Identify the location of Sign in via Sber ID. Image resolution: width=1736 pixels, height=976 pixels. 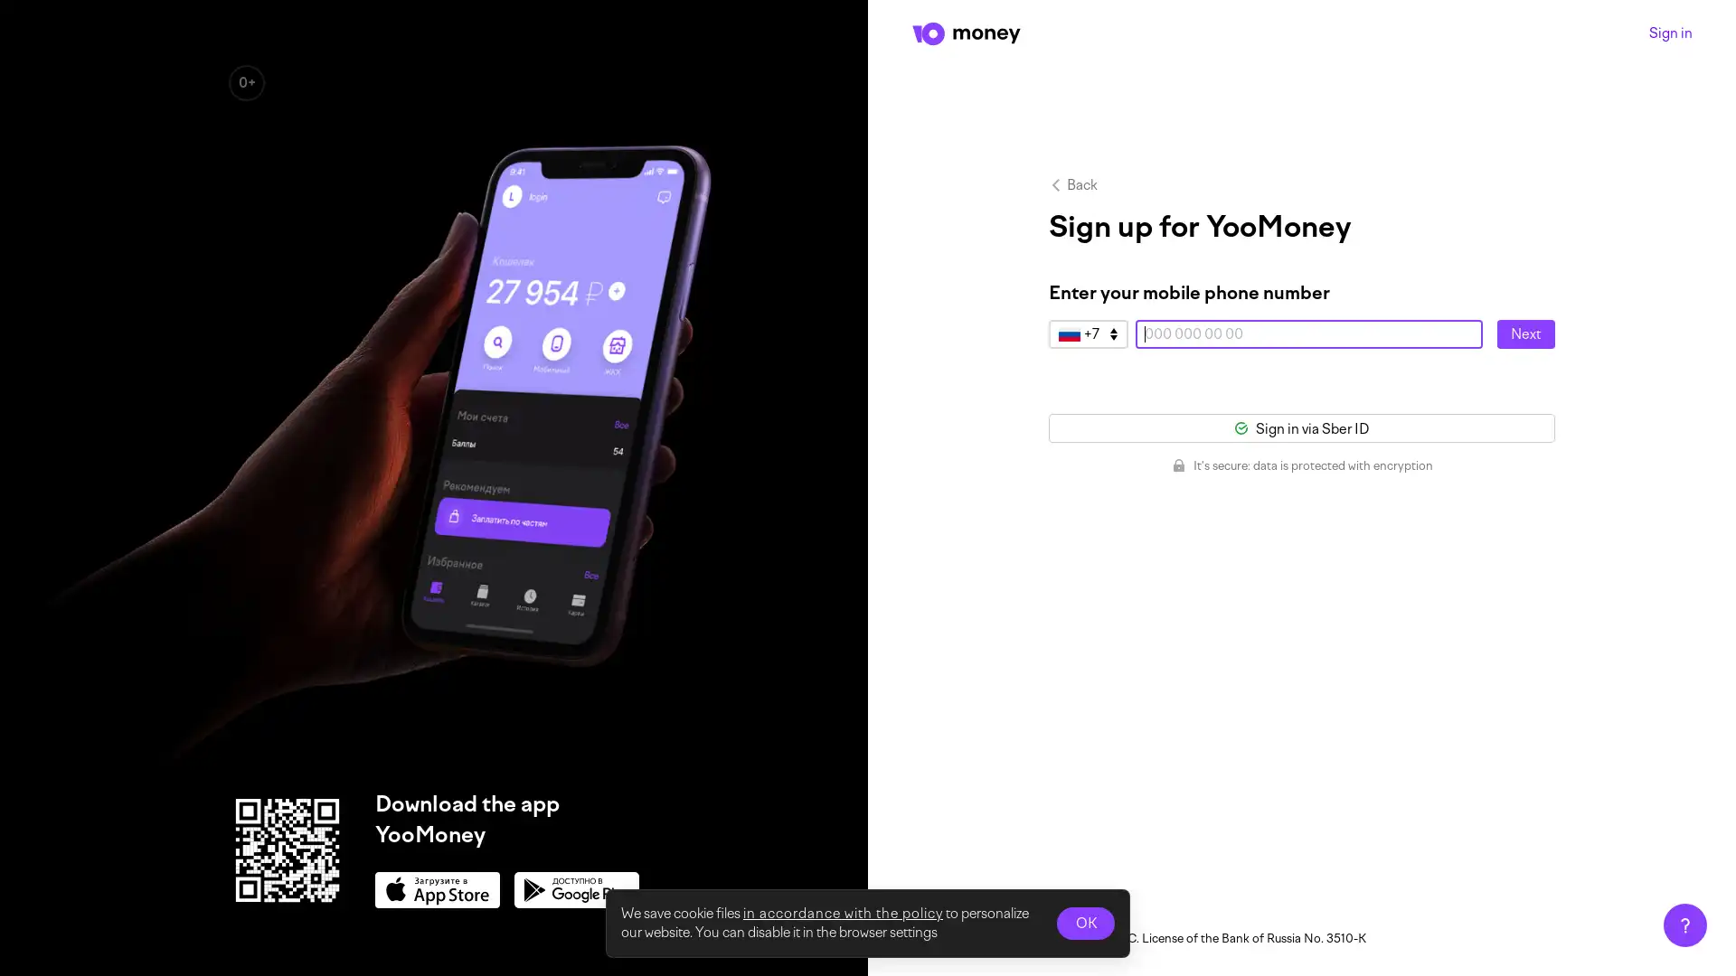
(1302, 428).